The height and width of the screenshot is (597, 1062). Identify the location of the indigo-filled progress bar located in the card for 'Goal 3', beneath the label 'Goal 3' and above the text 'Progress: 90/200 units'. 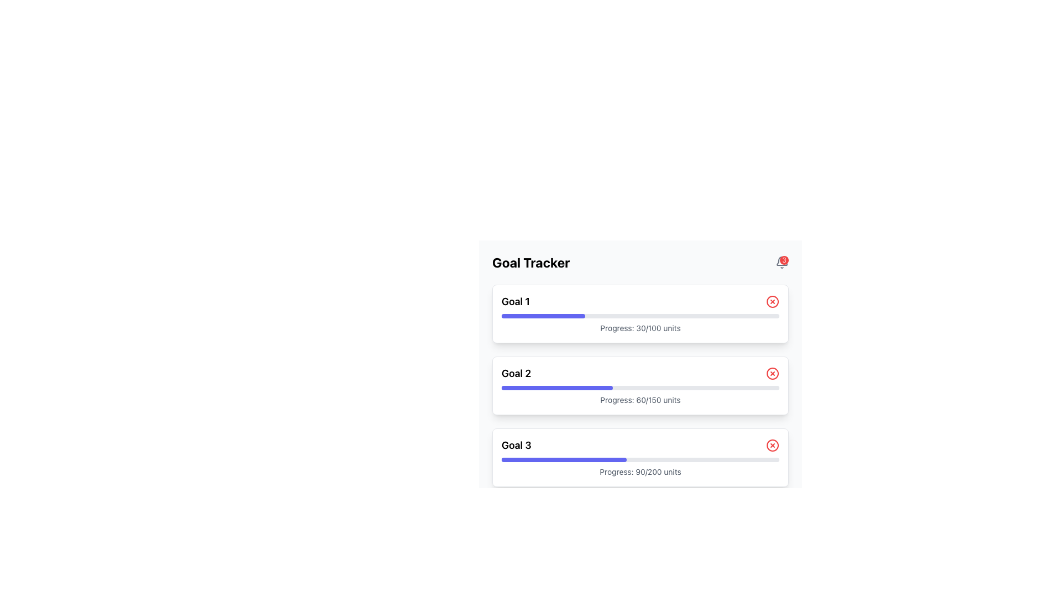
(640, 460).